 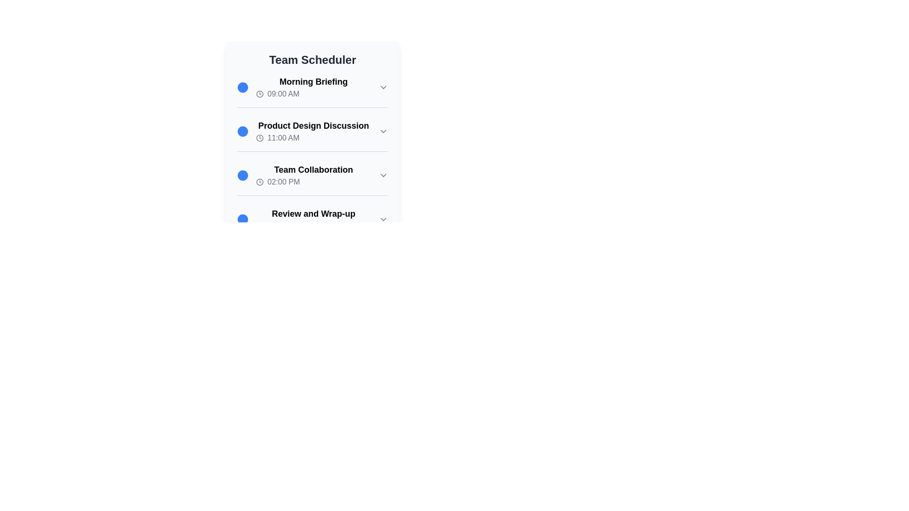 I want to click on the small gray downward-pointing chevron button associated with the 'Review and Wrap-up 04:30 PM' row, so click(x=383, y=219).